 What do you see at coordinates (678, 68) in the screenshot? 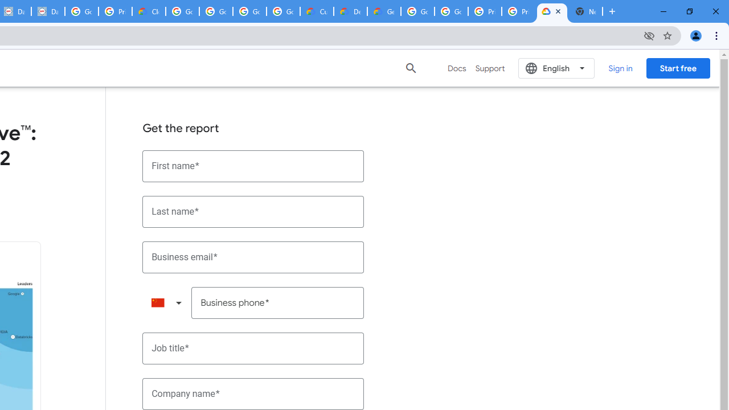
I see `'Start free'` at bounding box center [678, 68].